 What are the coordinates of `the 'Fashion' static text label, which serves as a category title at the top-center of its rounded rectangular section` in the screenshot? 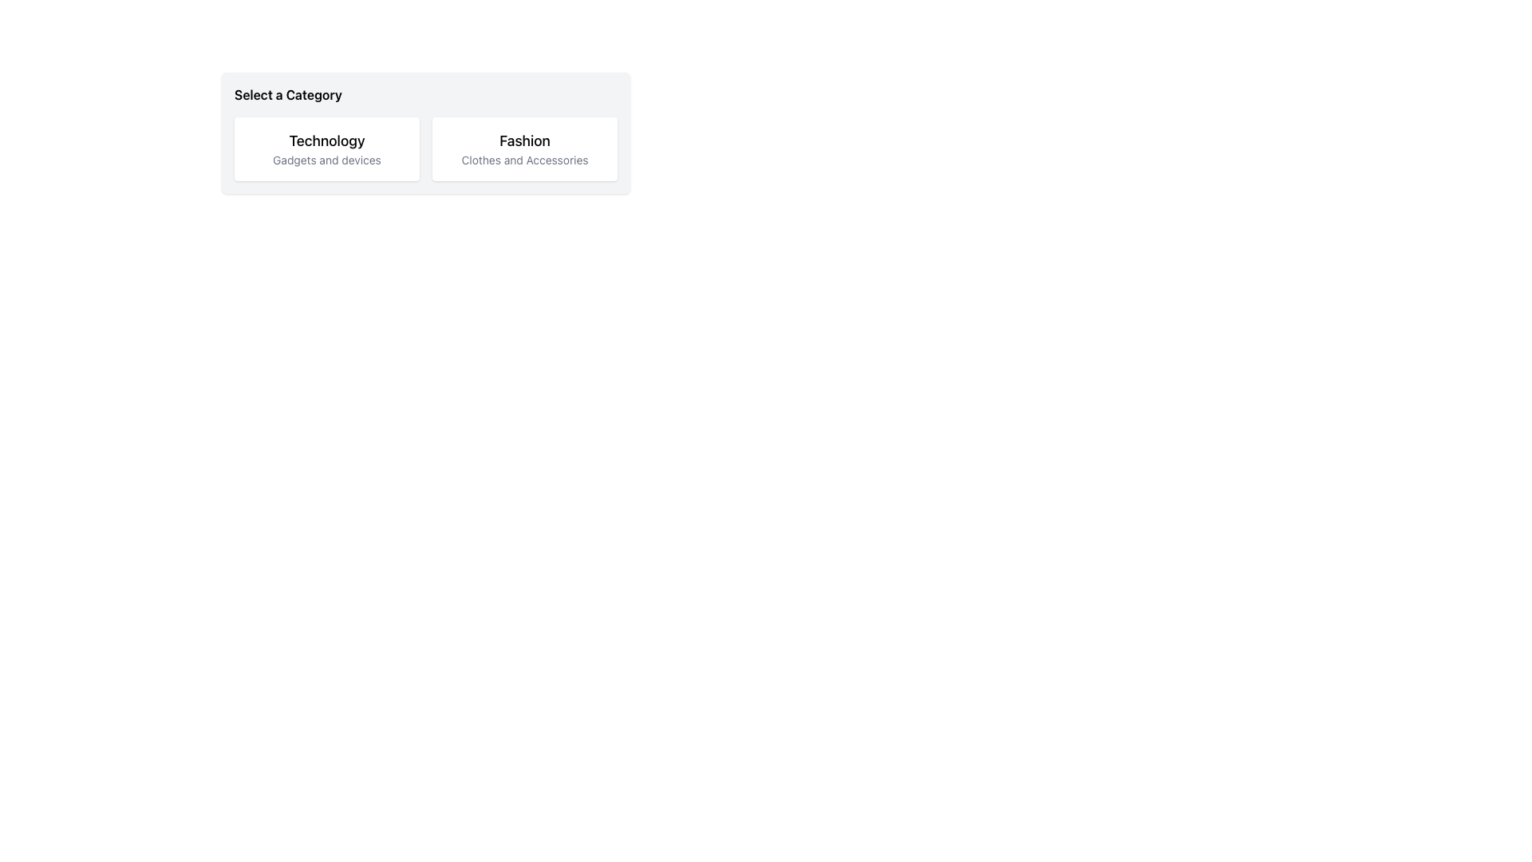 It's located at (524, 140).